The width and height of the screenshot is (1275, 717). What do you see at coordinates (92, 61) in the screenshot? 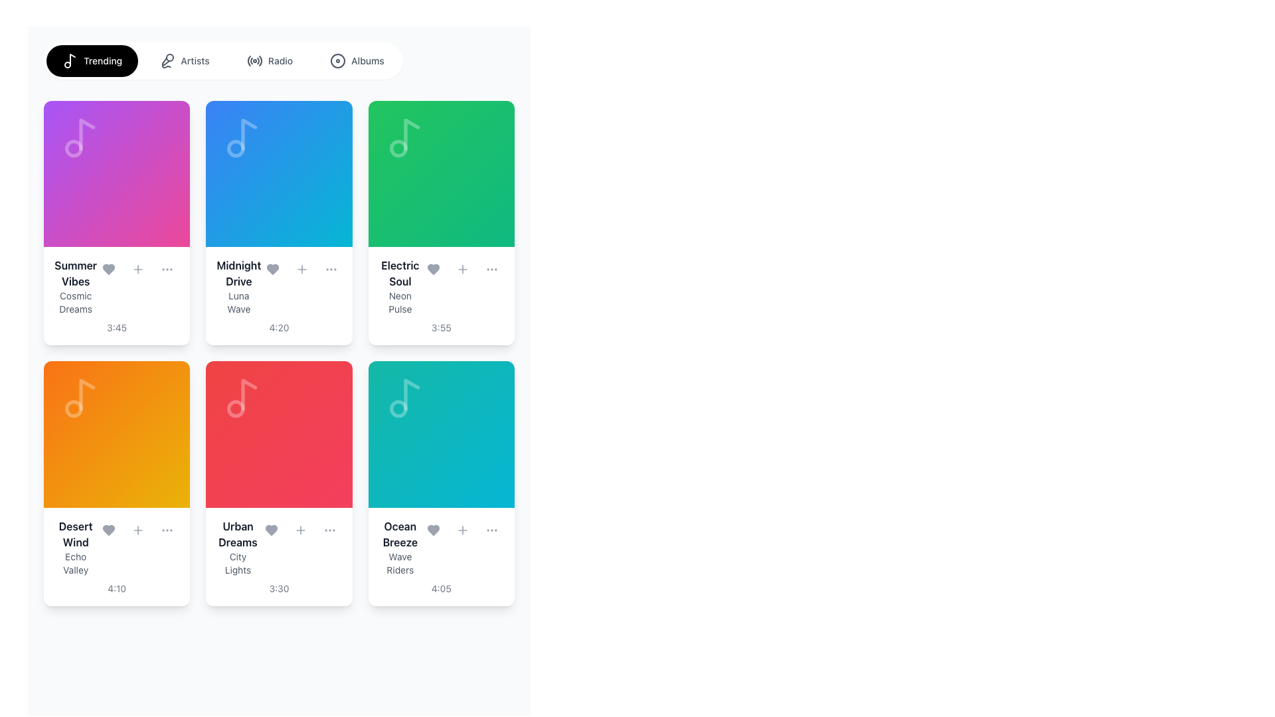
I see `the trending content button located at the top-left corner of the interface` at bounding box center [92, 61].